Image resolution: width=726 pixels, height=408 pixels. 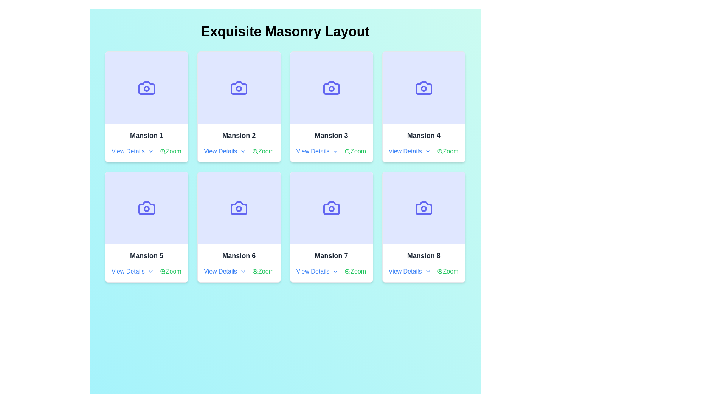 What do you see at coordinates (147, 208) in the screenshot?
I see `the camera icon located in the upper section of the fifth card, directly above the 'Mansion 5' text` at bounding box center [147, 208].